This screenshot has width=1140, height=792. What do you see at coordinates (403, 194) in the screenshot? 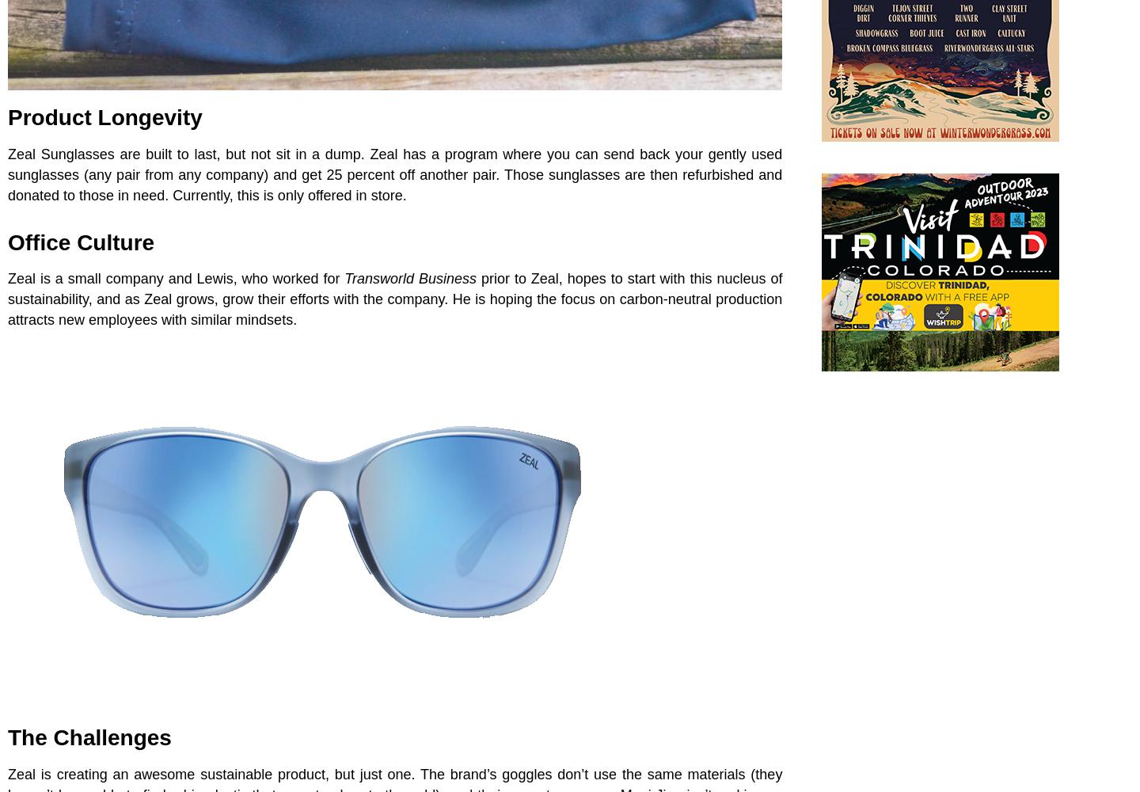
I see `'.'` at bounding box center [403, 194].